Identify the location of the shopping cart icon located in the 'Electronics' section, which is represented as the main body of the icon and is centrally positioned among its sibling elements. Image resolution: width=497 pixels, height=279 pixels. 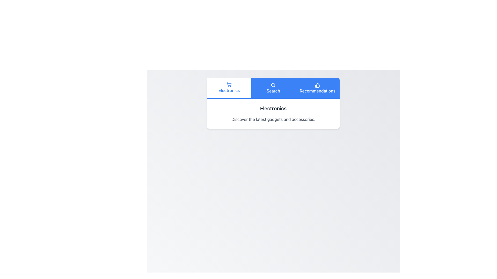
(229, 84).